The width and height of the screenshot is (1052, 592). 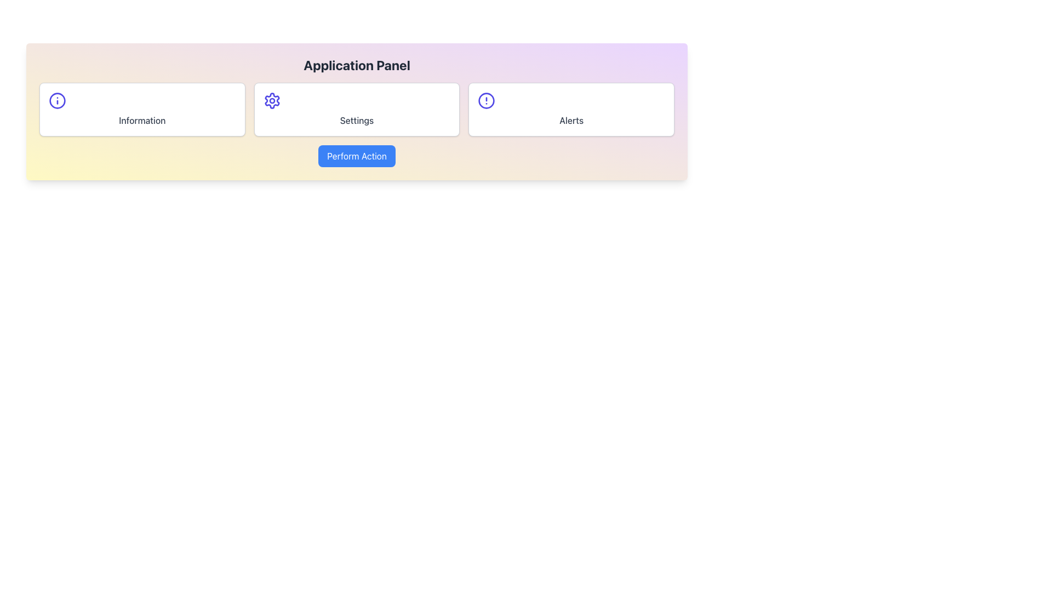 What do you see at coordinates (57, 101) in the screenshot?
I see `the vibrant blue circular informational icon with an 'i' symbol, located at the top left of the 'Information' card` at bounding box center [57, 101].